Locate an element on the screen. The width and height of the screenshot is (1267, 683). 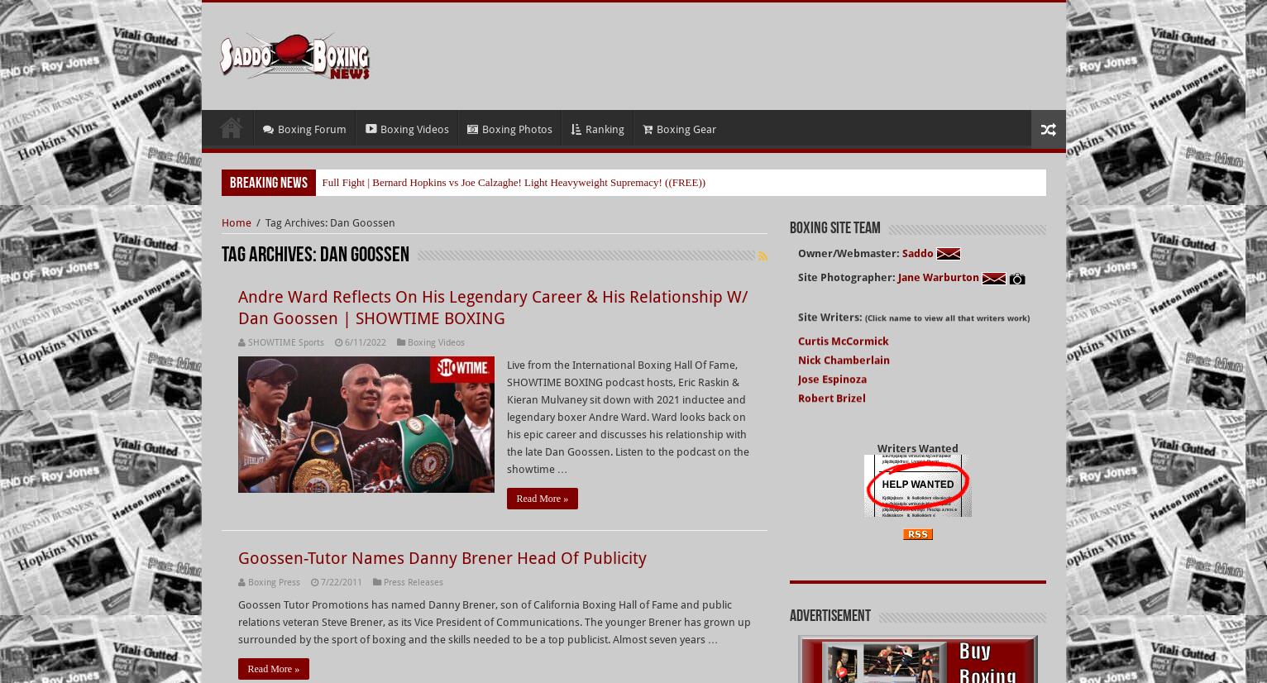
'Alejandro Tostado' is located at coordinates (844, 452).